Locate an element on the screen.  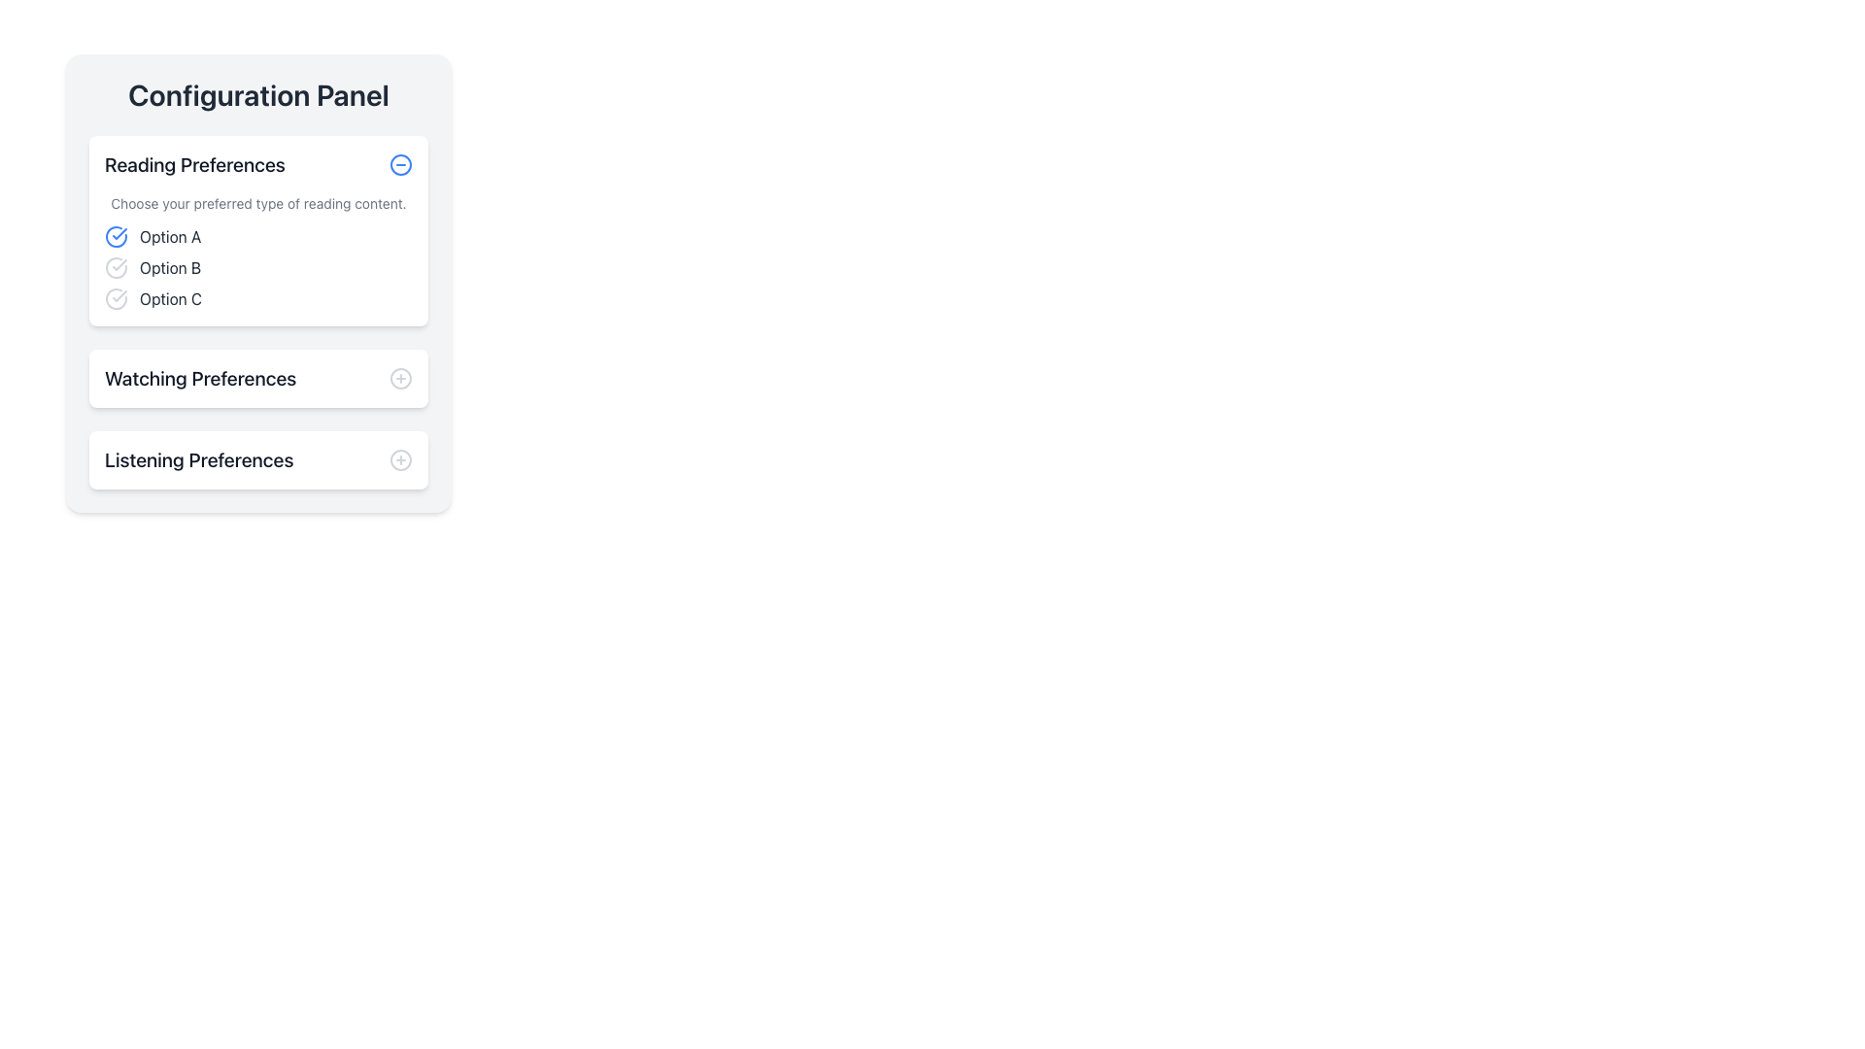
the collapse button icon with a blue circular outline and horizontal minus sign, located at the right end of the 'Reading Preferences' section header is located at coordinates (399, 163).